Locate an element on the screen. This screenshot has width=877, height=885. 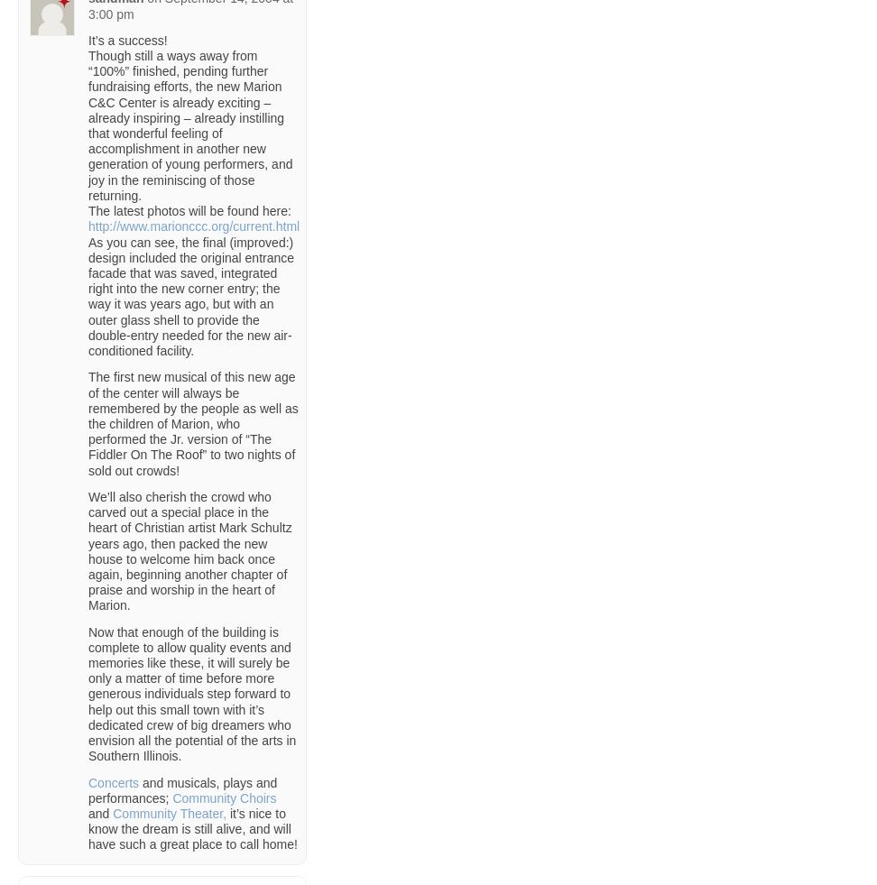
'and' is located at coordinates (99, 814).